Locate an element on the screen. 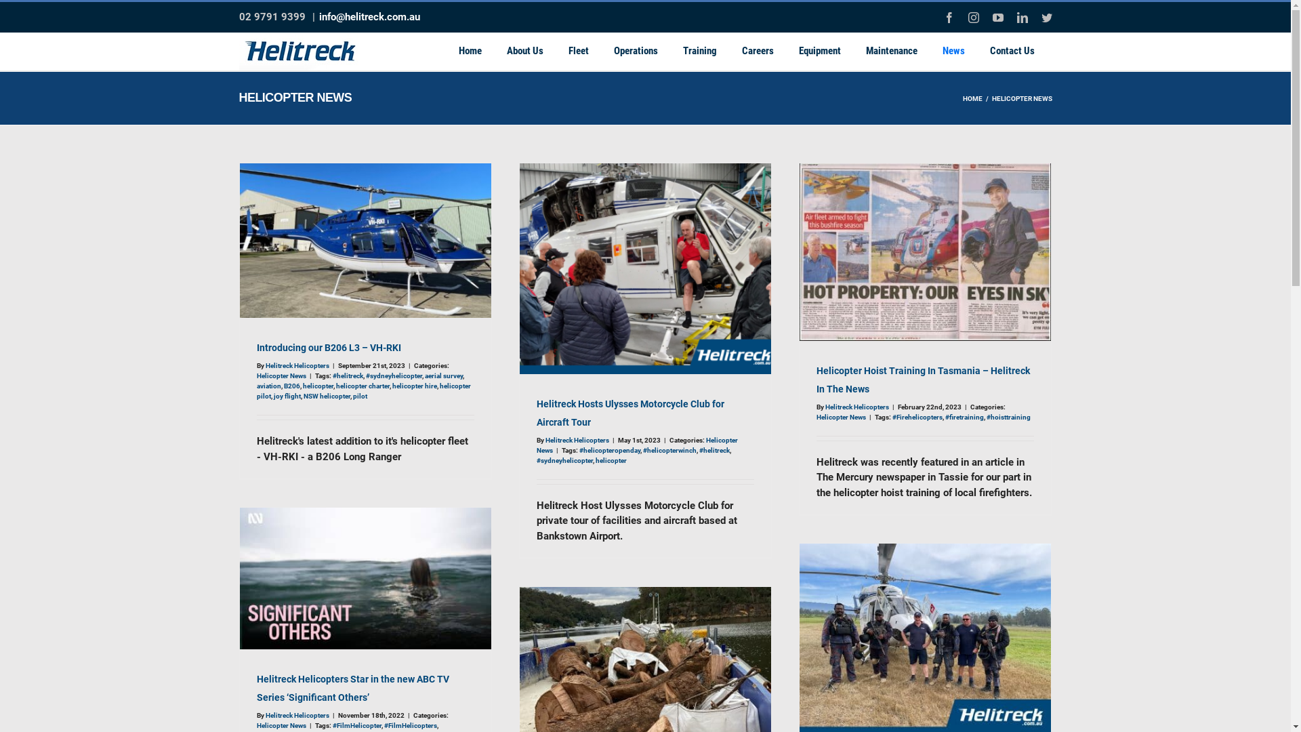  '#helicopteropenday' is located at coordinates (579, 450).